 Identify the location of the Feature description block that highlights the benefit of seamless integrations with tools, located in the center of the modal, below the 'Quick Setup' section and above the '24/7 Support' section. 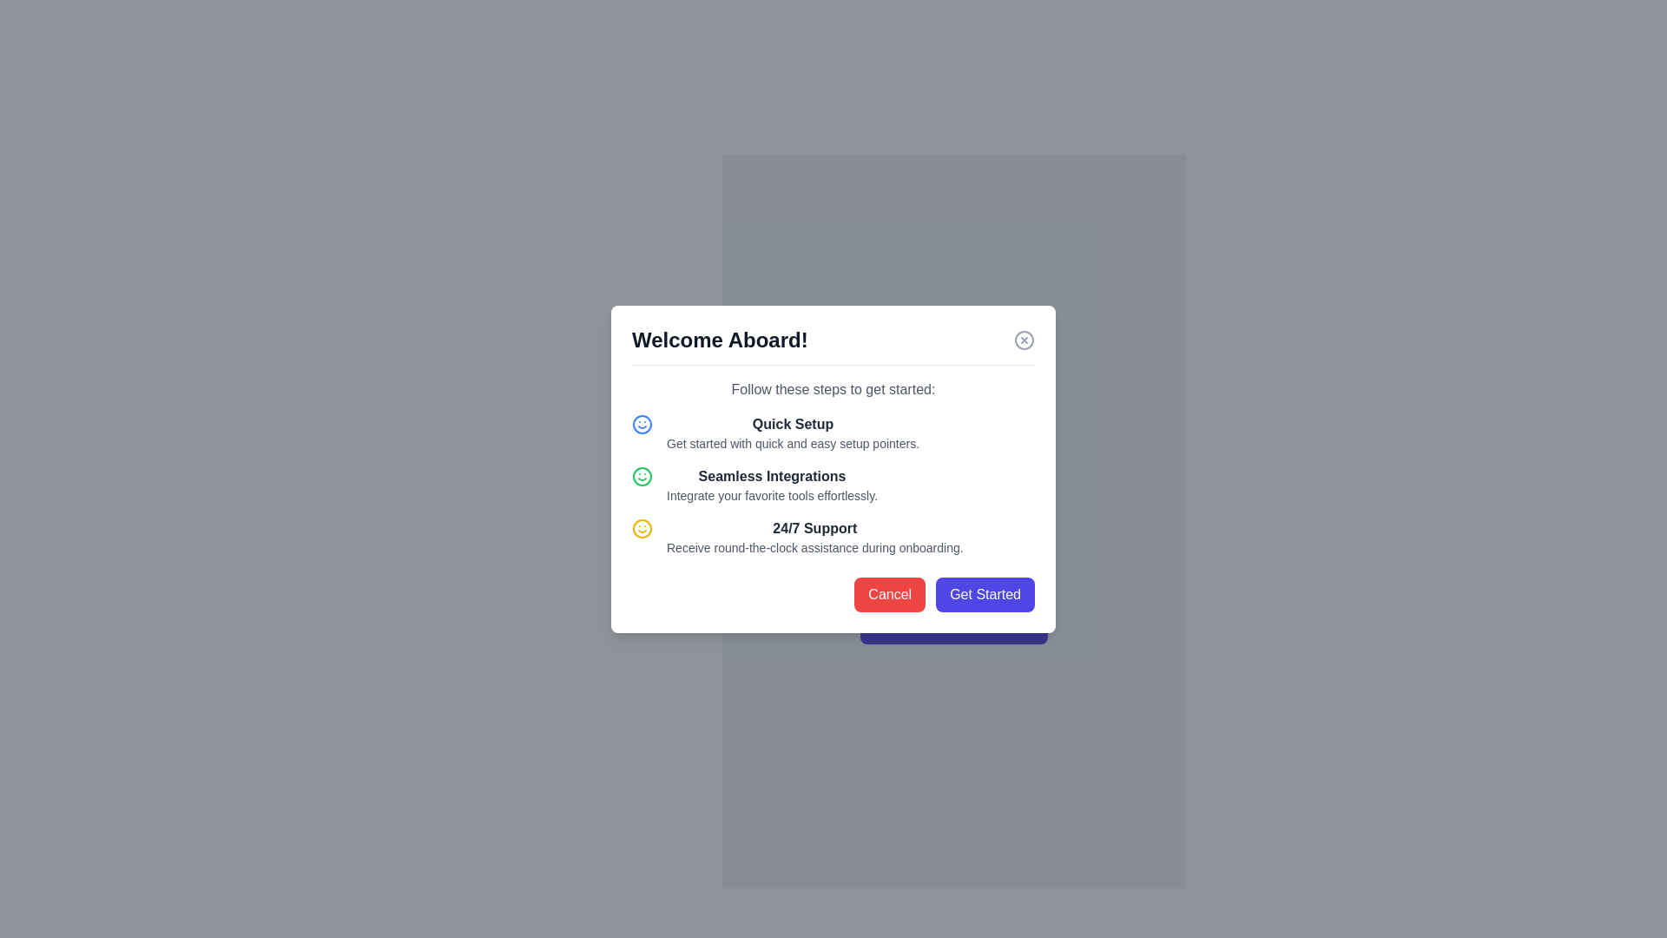
(833, 485).